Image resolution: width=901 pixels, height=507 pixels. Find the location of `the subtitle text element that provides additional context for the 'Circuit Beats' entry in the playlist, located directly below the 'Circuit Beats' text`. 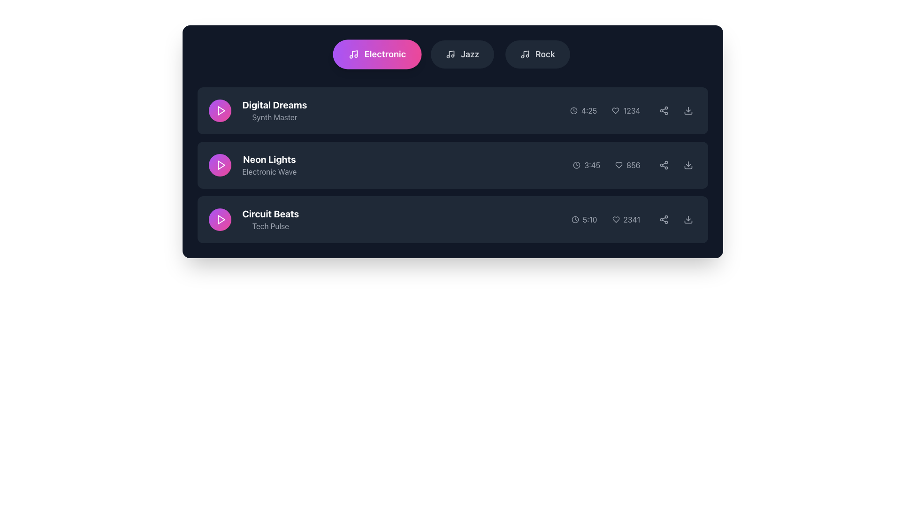

the subtitle text element that provides additional context for the 'Circuit Beats' entry in the playlist, located directly below the 'Circuit Beats' text is located at coordinates (270, 226).